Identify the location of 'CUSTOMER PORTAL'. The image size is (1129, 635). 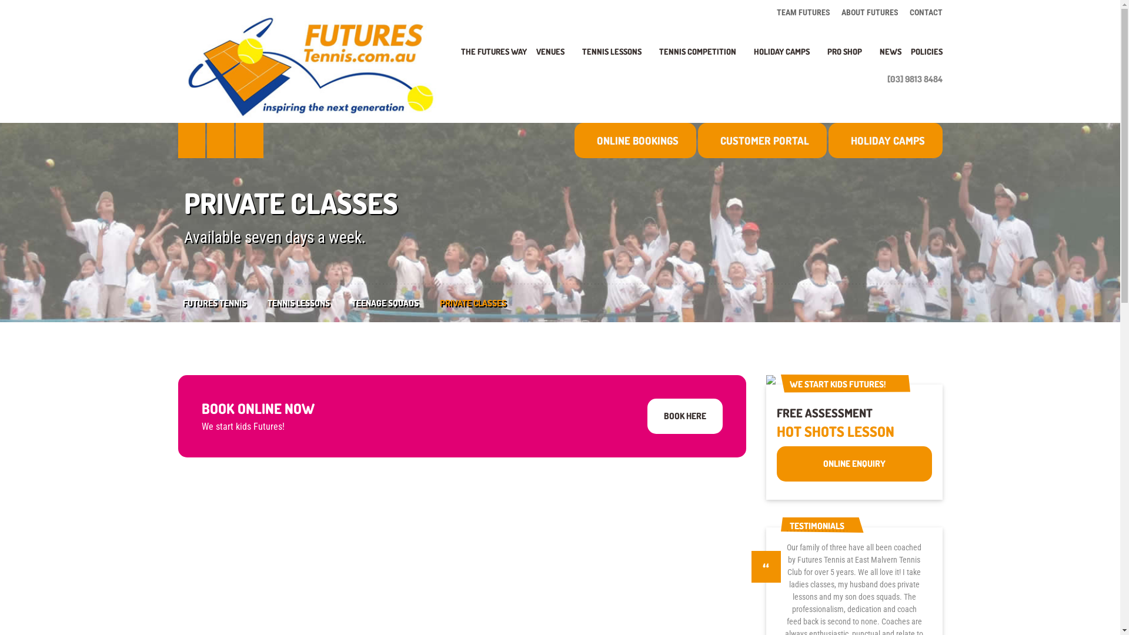
(762, 140).